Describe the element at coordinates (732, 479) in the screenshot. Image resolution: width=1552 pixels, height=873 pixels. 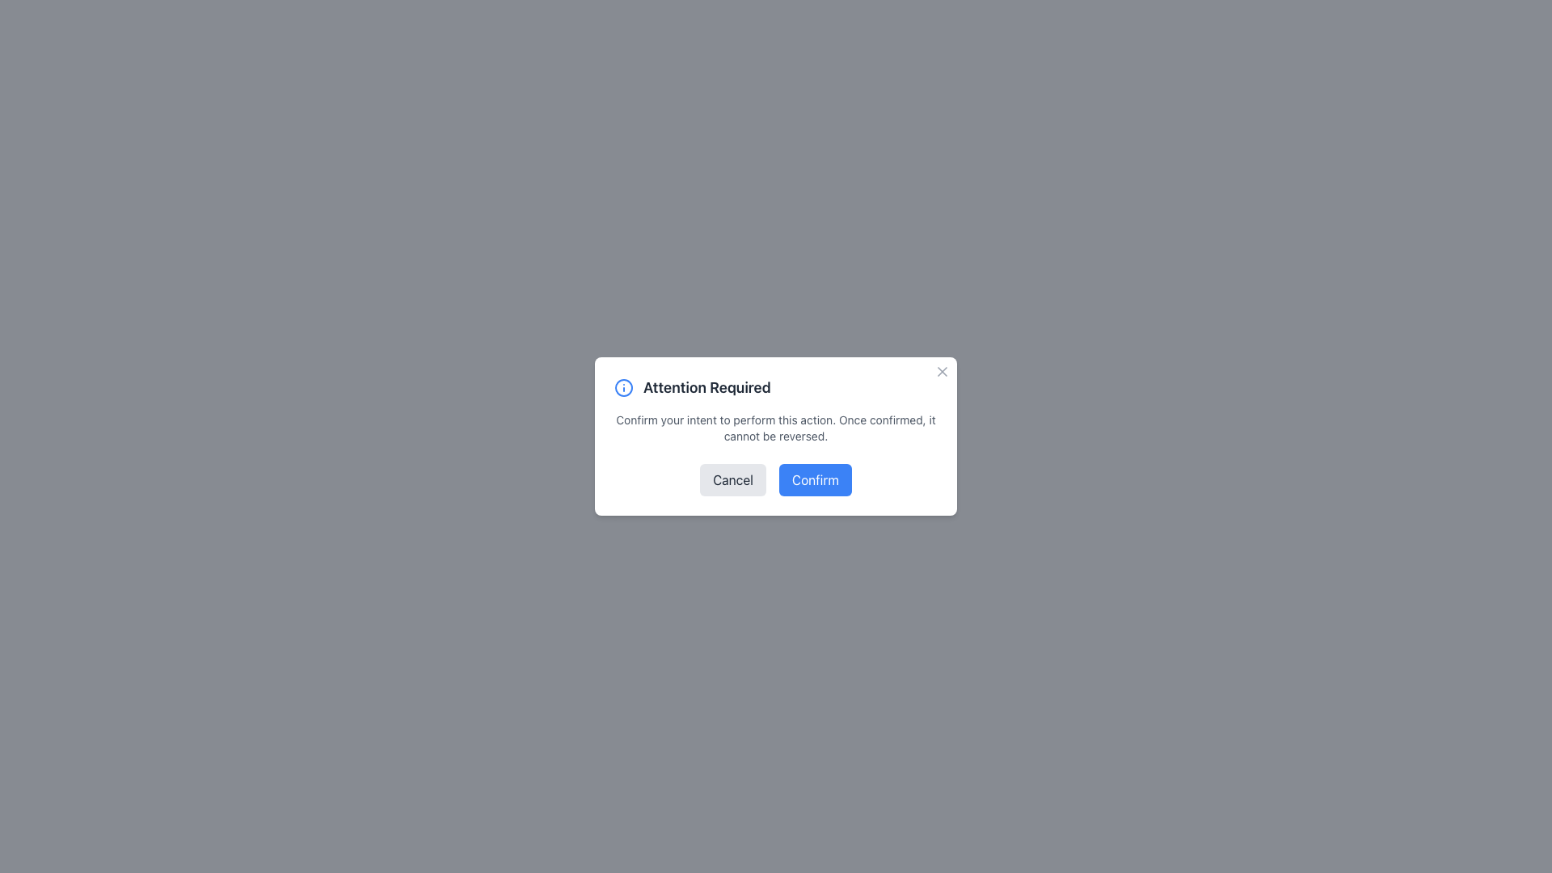
I see `the 'Cancel' button in the confirmation dialog to observe the hover effect` at that location.